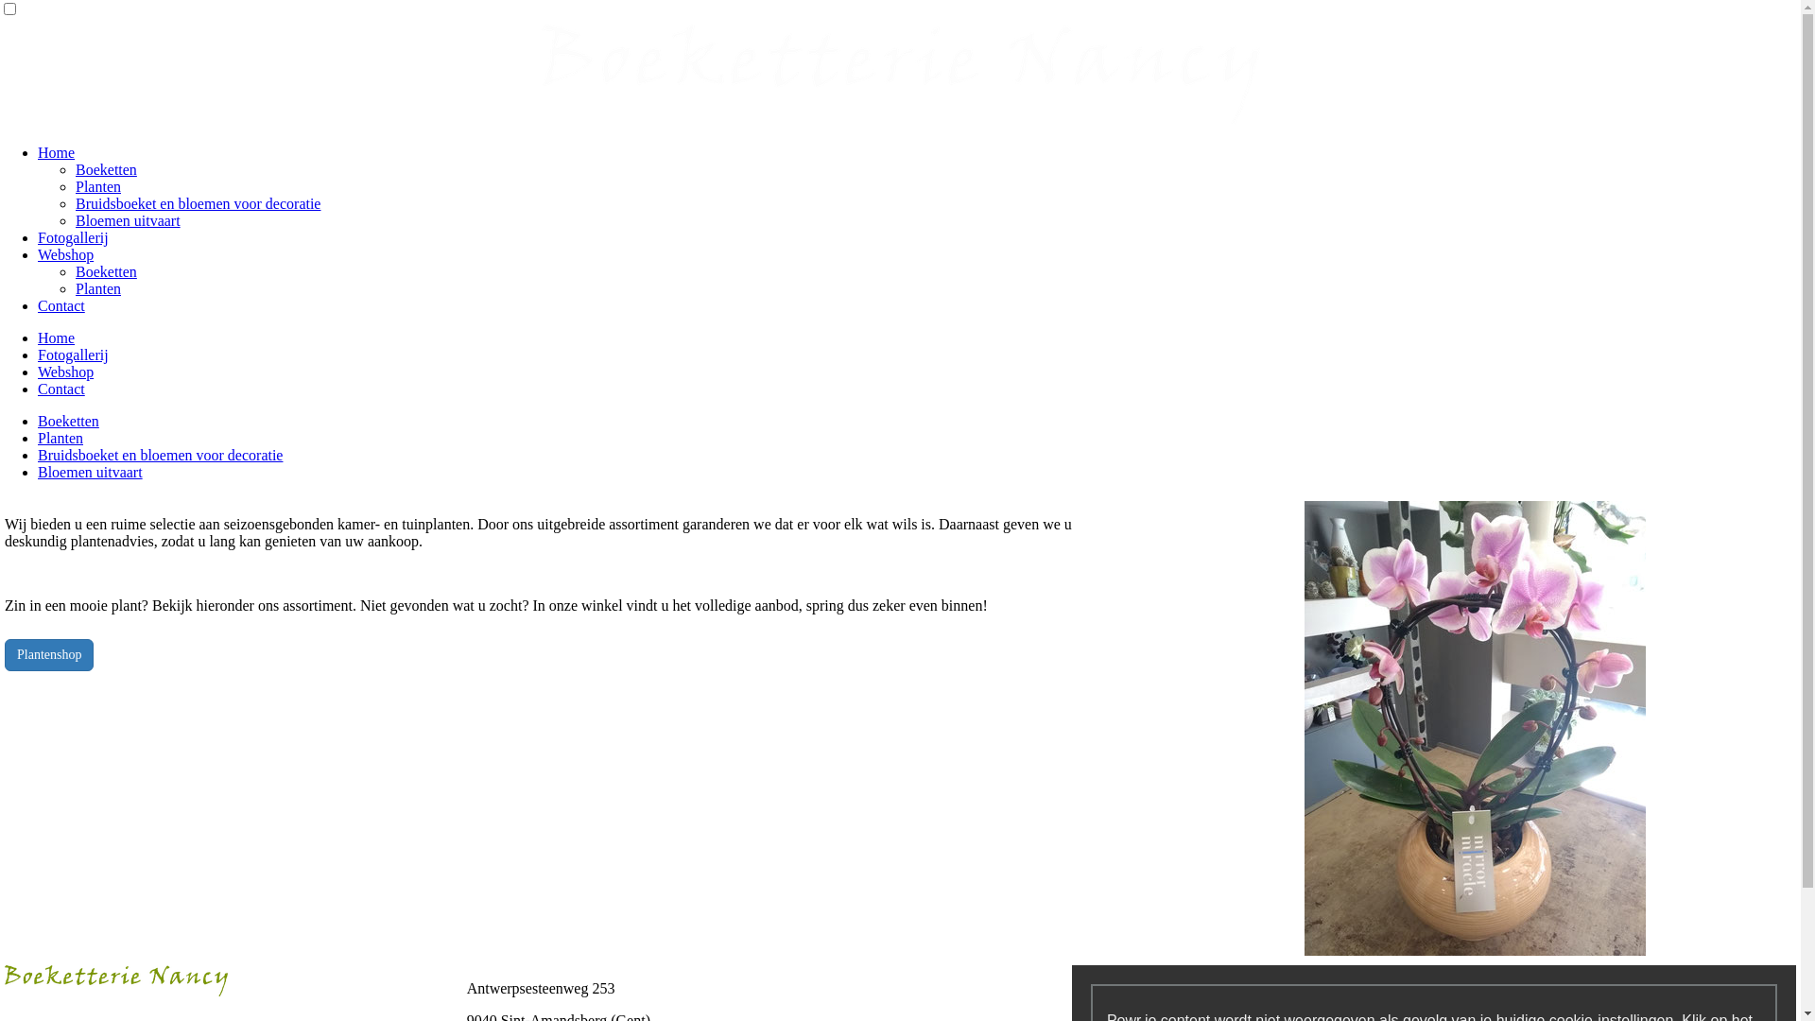  Describe the element at coordinates (73, 236) in the screenshot. I see `'Fotogallerij'` at that location.